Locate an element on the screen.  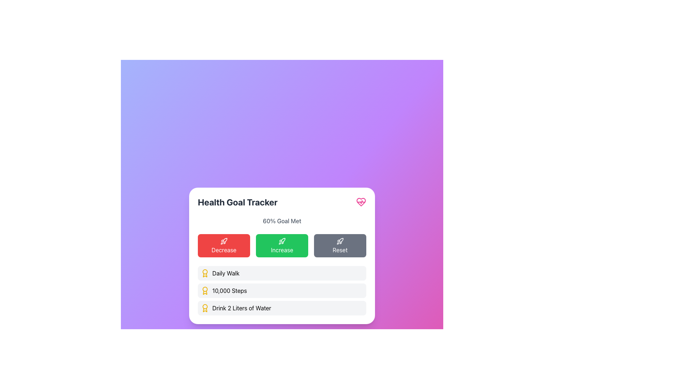
the yellow medal or award badge icon located to the left of the 'Drink 2 Liters of Water' text in the bottom row of the list is located at coordinates (205, 308).